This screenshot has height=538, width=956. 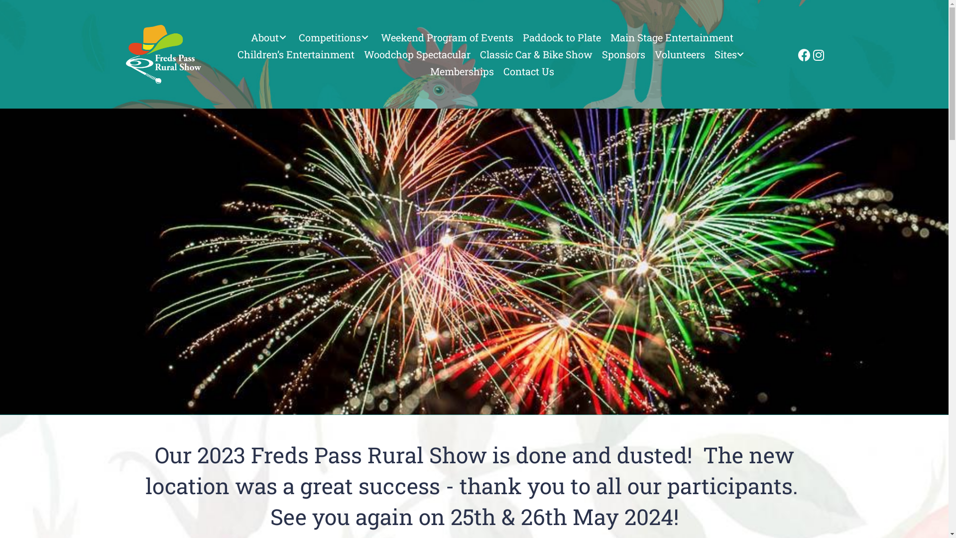 I want to click on 'Sponsors', so click(x=623, y=54).